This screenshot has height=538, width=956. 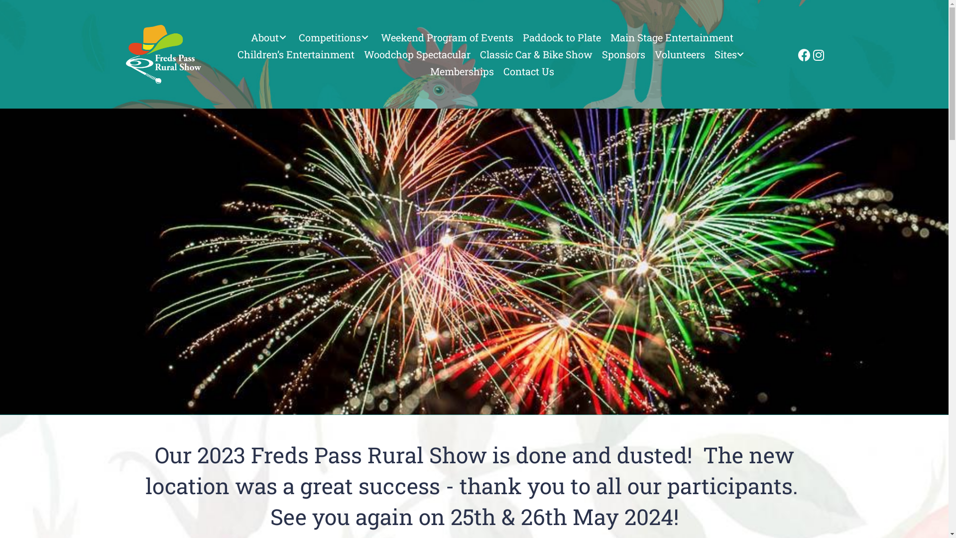 I want to click on 'Sponsors', so click(x=623, y=54).